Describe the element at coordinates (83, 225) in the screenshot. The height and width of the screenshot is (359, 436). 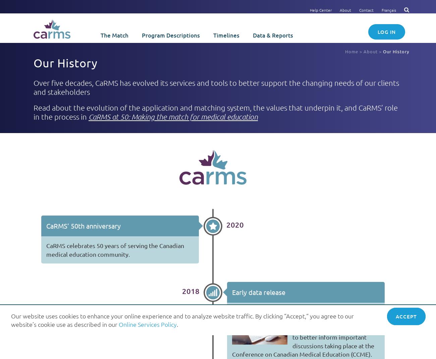
I see `'CaRMS’ 50th anniversary'` at that location.